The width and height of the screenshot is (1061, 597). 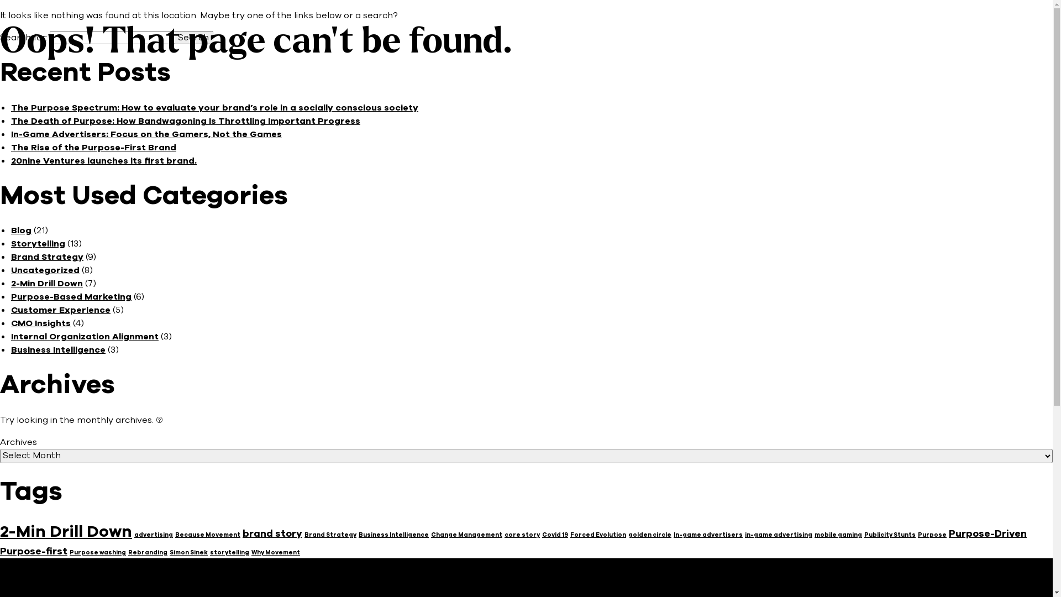 I want to click on 'Change Management', so click(x=466, y=534).